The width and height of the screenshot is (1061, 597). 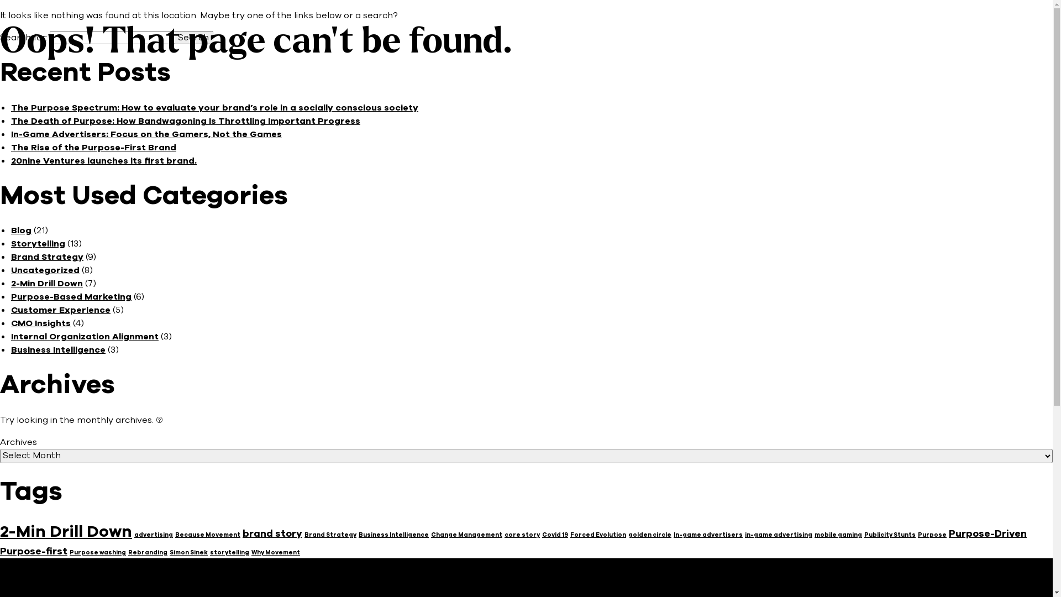 I want to click on 'Change Management', so click(x=466, y=534).